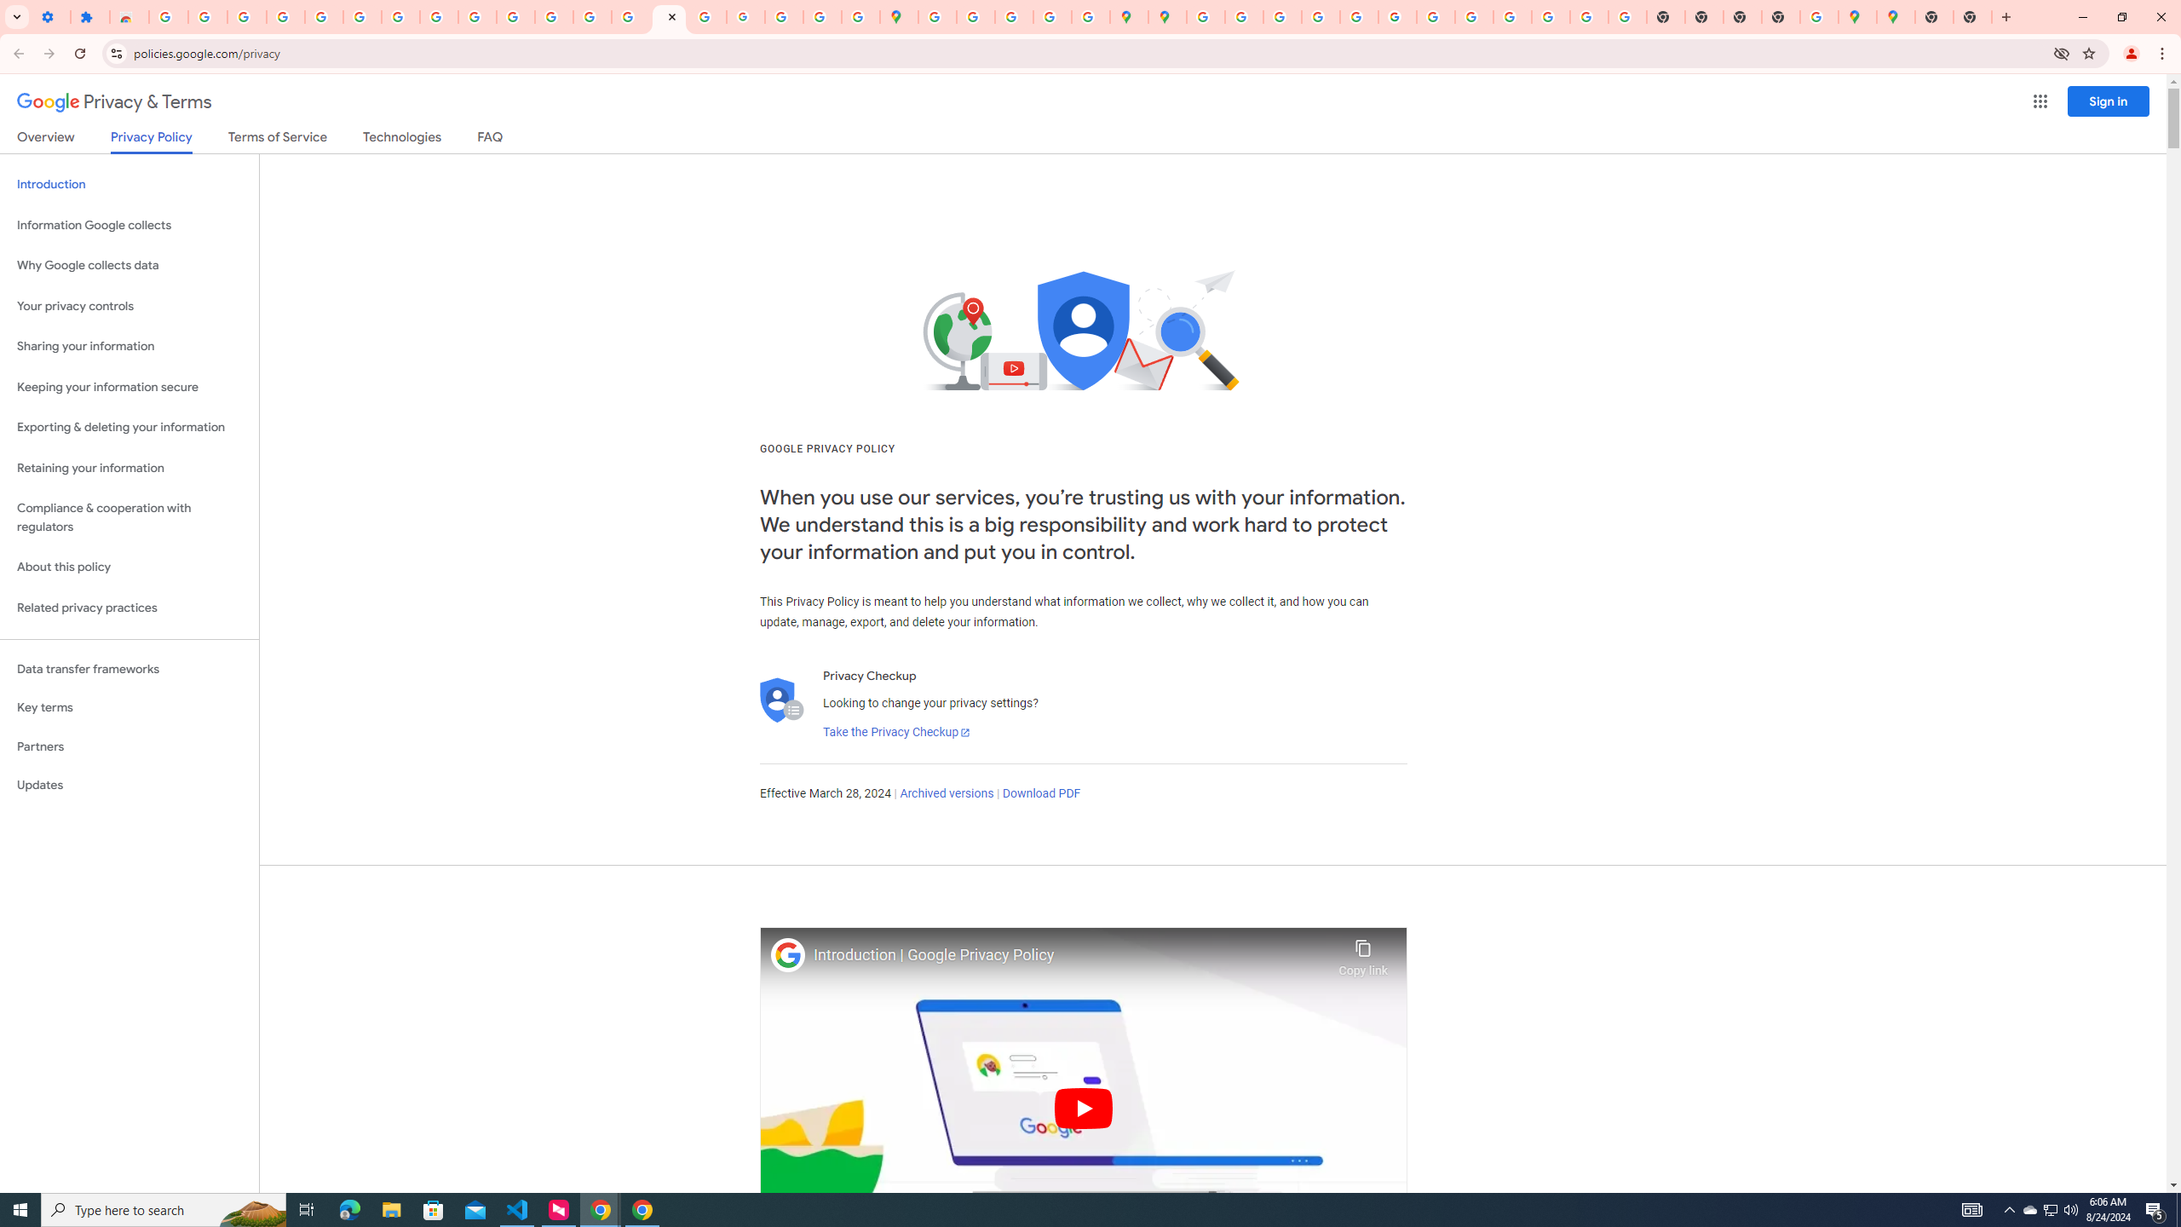  Describe the element at coordinates (323, 16) in the screenshot. I see `'Sign in - Google Accounts'` at that location.